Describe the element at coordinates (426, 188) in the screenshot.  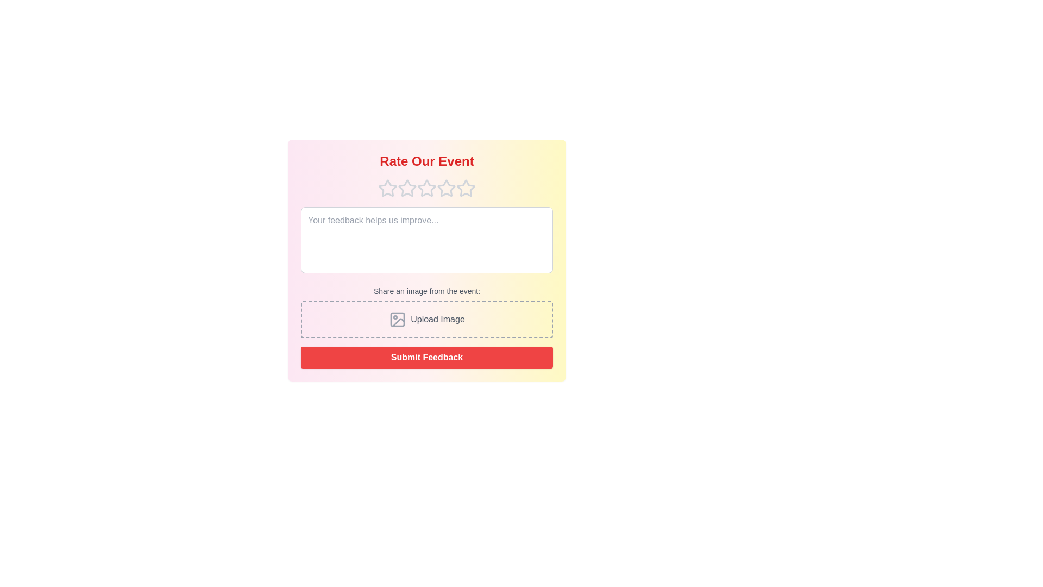
I see `the star corresponding to the desired rating 3` at that location.